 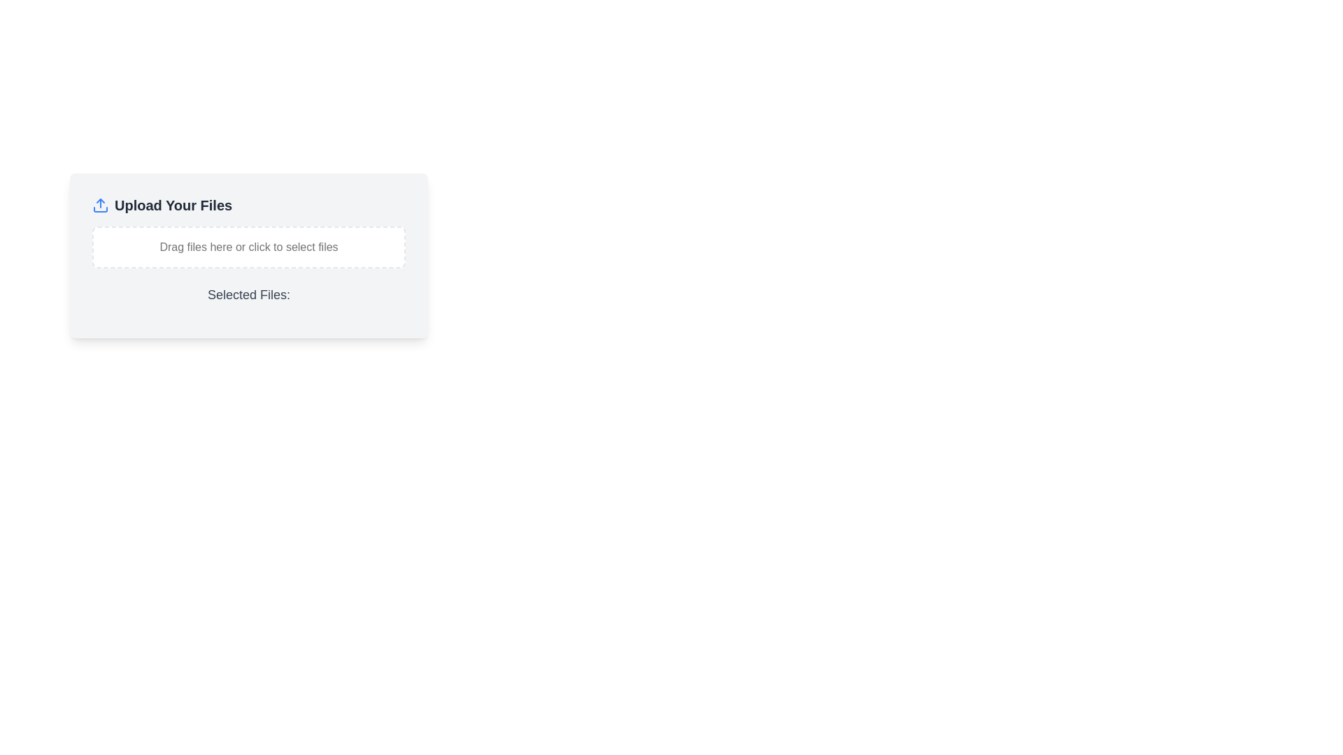 What do you see at coordinates (248, 246) in the screenshot?
I see `keyboard navigation` at bounding box center [248, 246].